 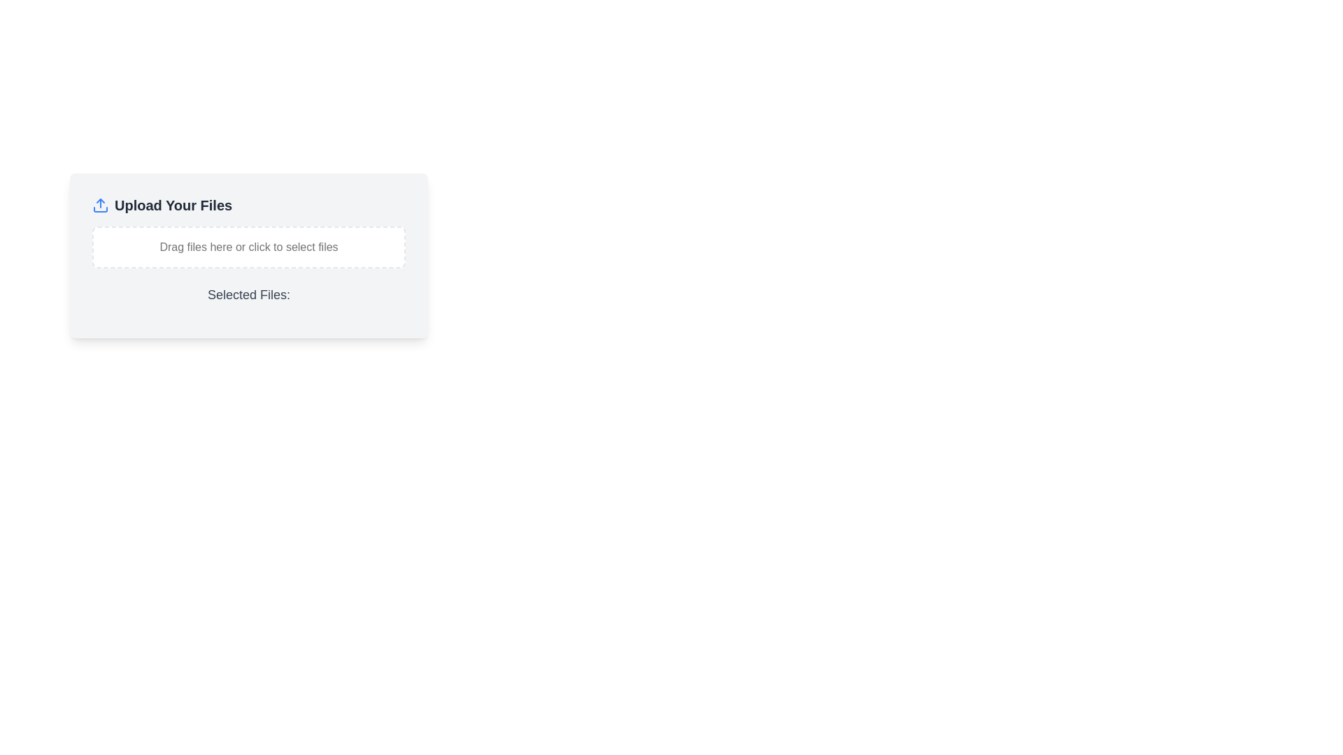 What do you see at coordinates (248, 246) in the screenshot?
I see `keyboard navigation` at bounding box center [248, 246].